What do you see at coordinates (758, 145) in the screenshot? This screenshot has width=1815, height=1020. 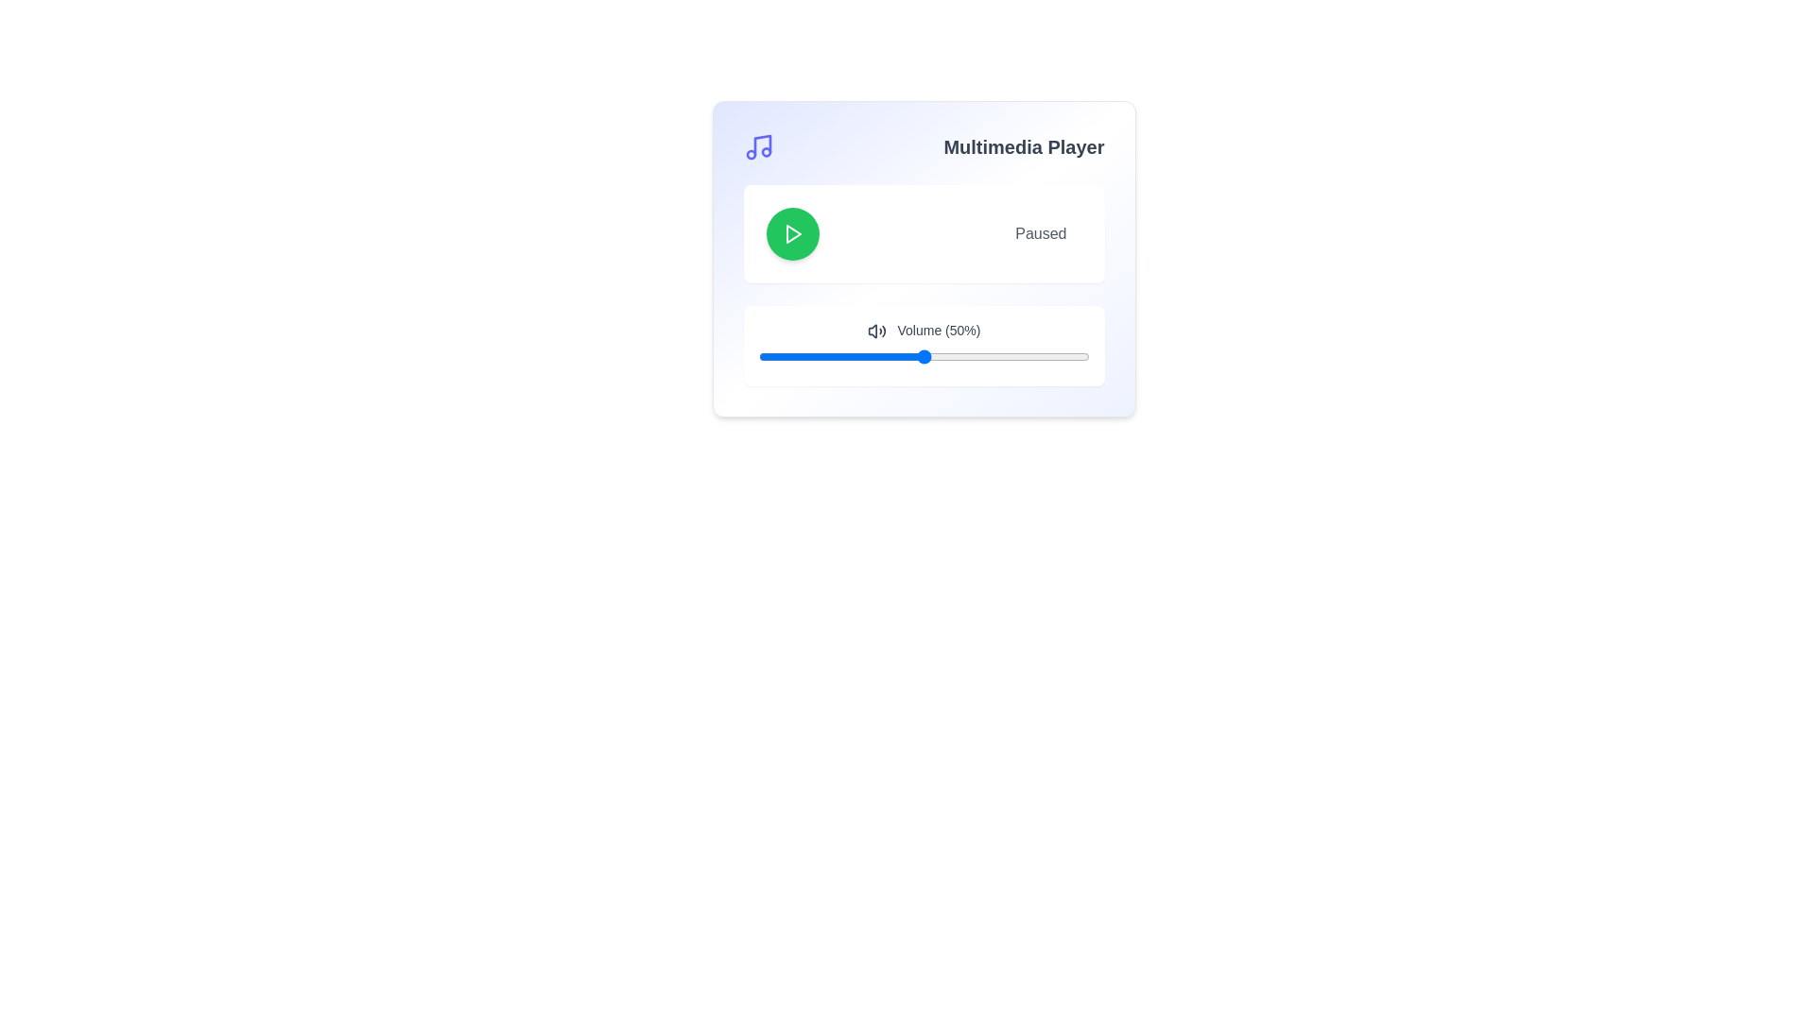 I see `the bold indigo musical note icon located to the left of the 'Multimedia Player' title` at bounding box center [758, 145].